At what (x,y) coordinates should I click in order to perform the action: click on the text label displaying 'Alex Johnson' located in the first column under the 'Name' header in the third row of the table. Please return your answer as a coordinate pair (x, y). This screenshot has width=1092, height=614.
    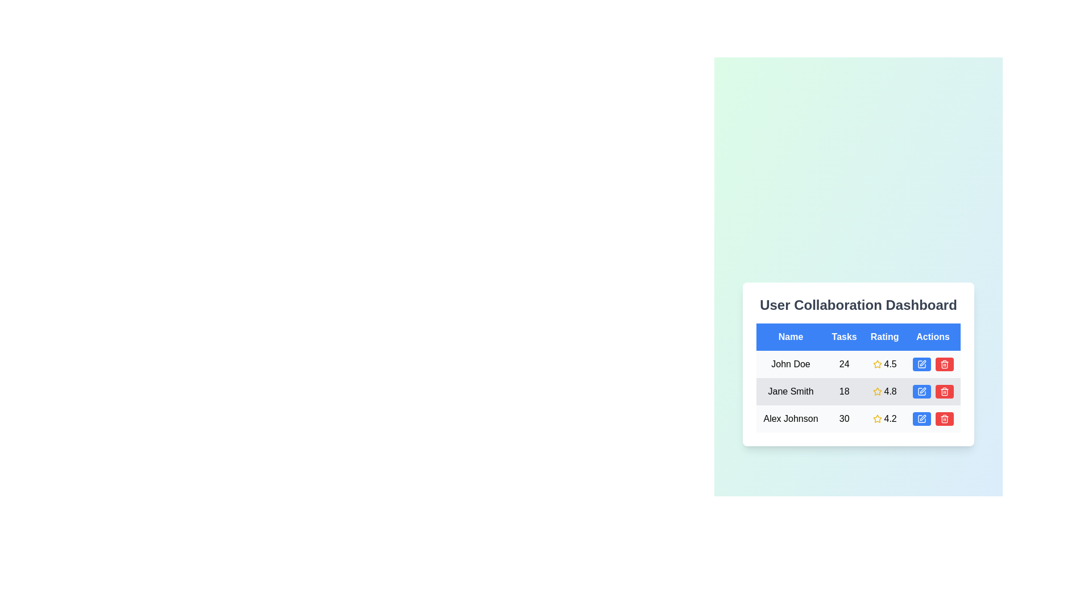
    Looking at the image, I should click on (790, 418).